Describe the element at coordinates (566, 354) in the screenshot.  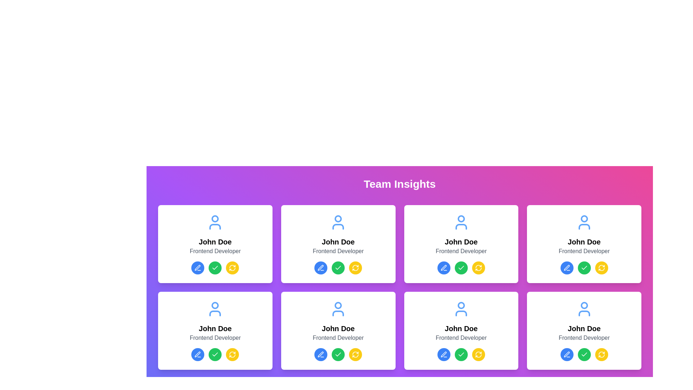
I see `the edit button with a pen-shaped icon located in the bottom-left corner of the last user information card in the second row of the grid` at that location.